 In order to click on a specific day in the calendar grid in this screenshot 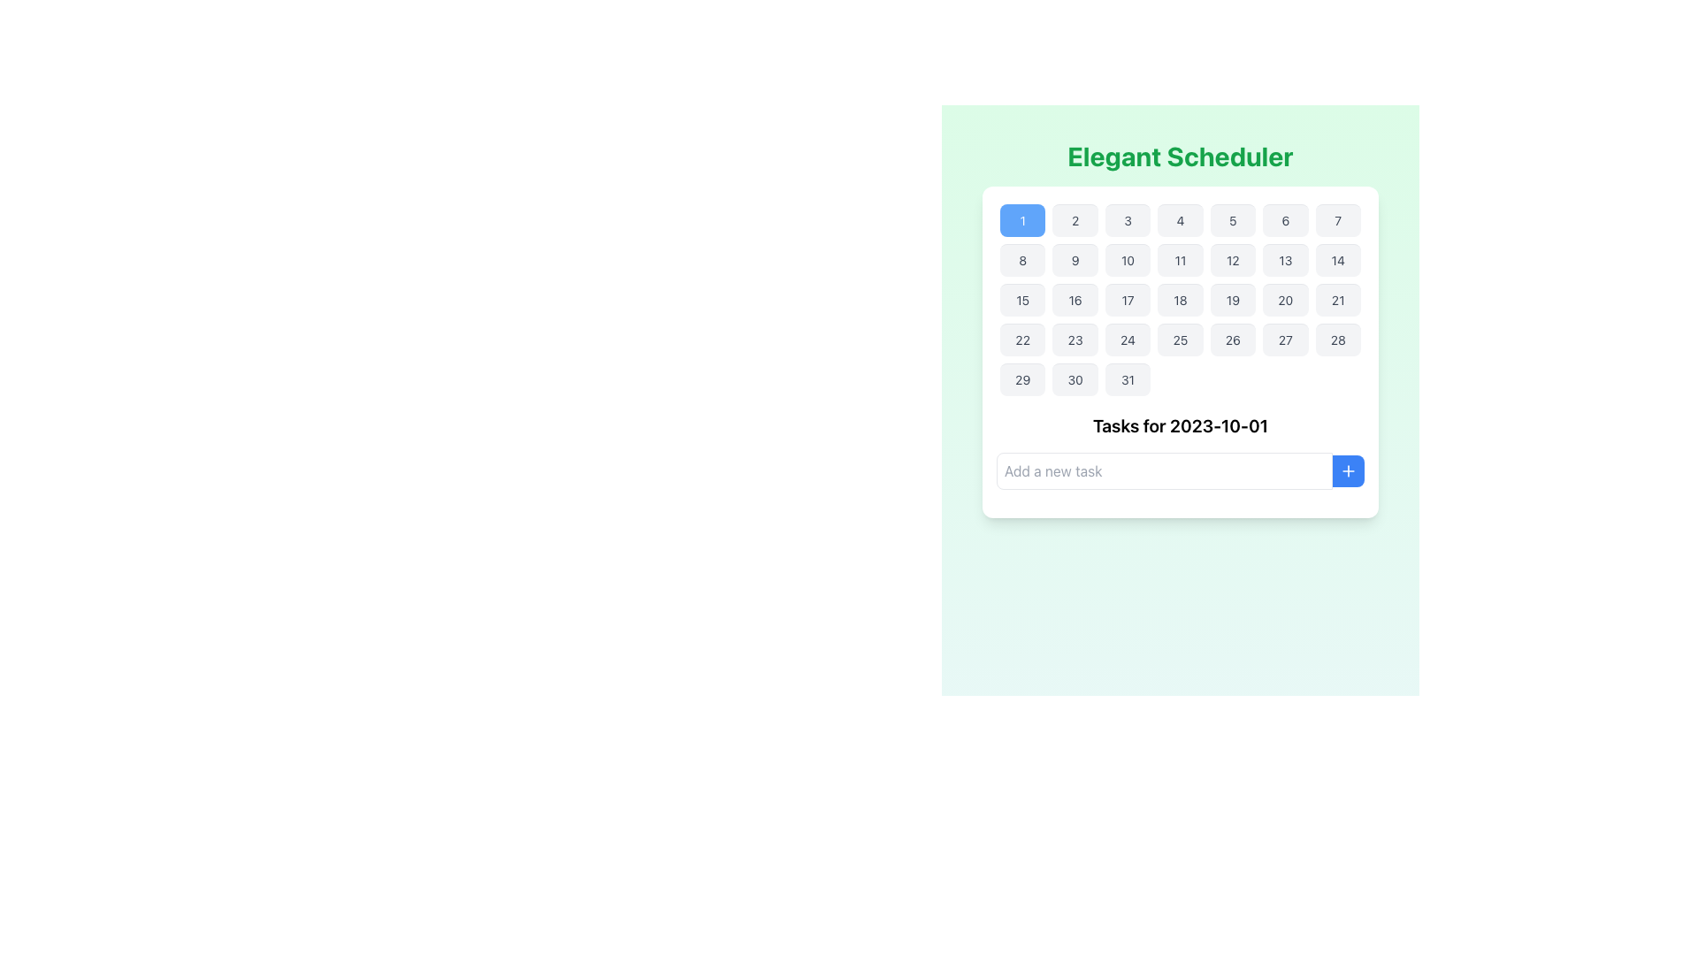, I will do `click(1180, 299)`.